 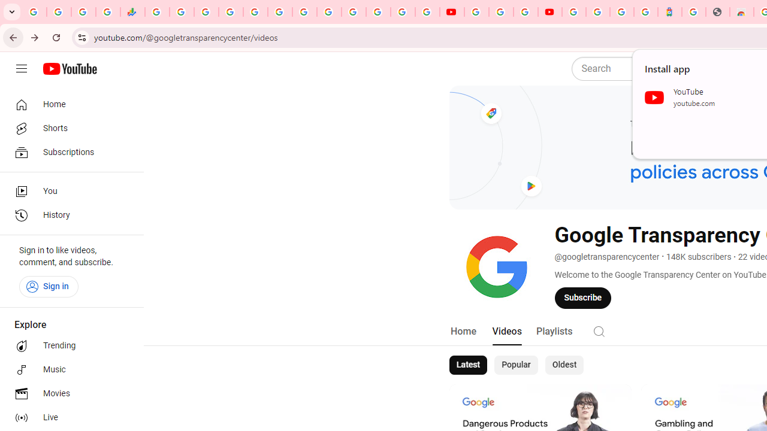 I want to click on 'Google Workspace Admin Community', so click(x=34, y=12).